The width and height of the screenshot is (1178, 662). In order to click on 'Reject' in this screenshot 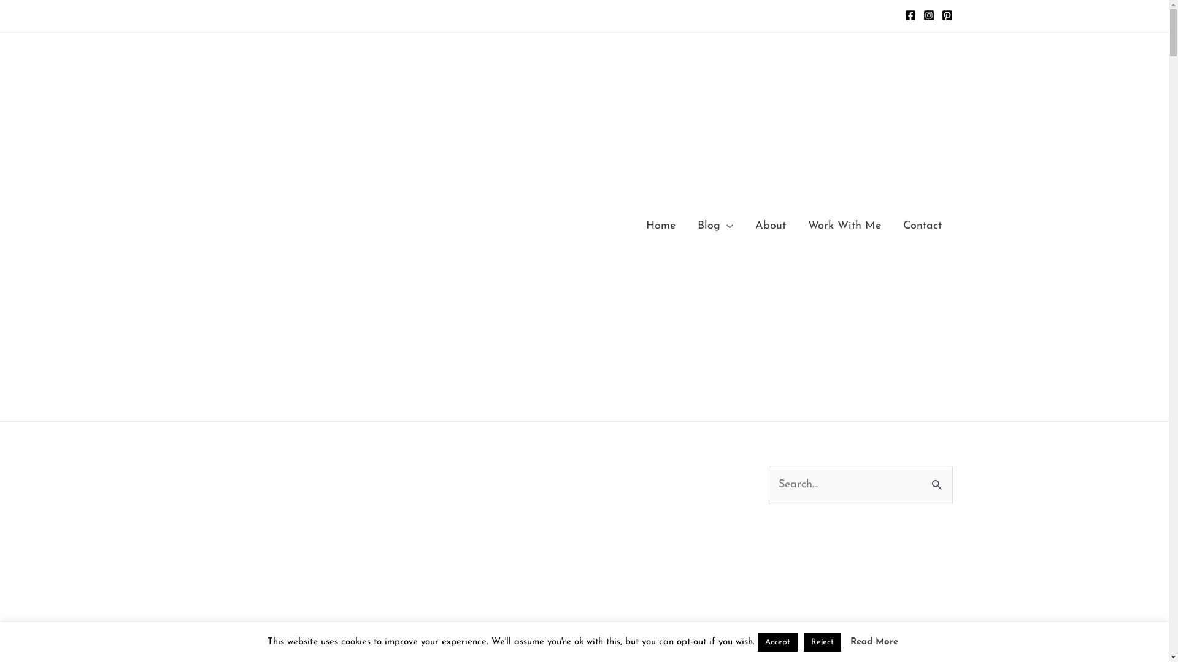, I will do `click(822, 641)`.